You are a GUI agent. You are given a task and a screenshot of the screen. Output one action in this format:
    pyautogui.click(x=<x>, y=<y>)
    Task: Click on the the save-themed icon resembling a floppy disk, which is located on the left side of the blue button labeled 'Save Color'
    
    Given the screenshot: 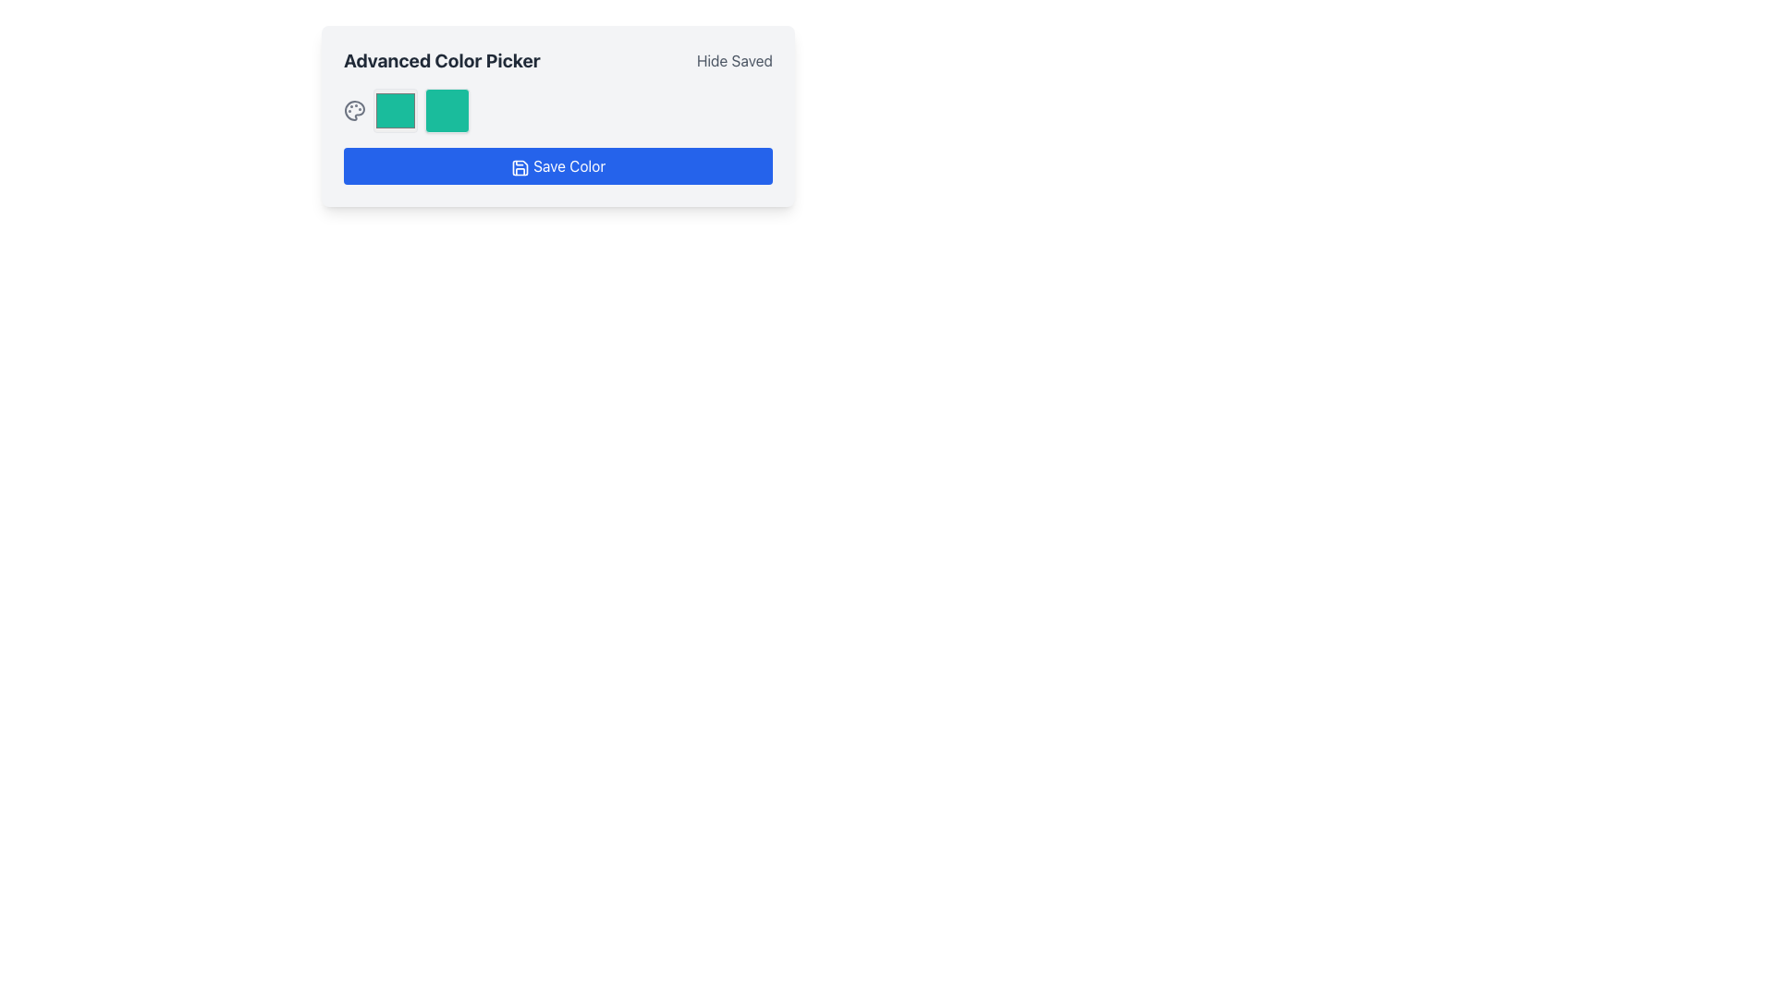 What is the action you would take?
    pyautogui.click(x=519, y=167)
    